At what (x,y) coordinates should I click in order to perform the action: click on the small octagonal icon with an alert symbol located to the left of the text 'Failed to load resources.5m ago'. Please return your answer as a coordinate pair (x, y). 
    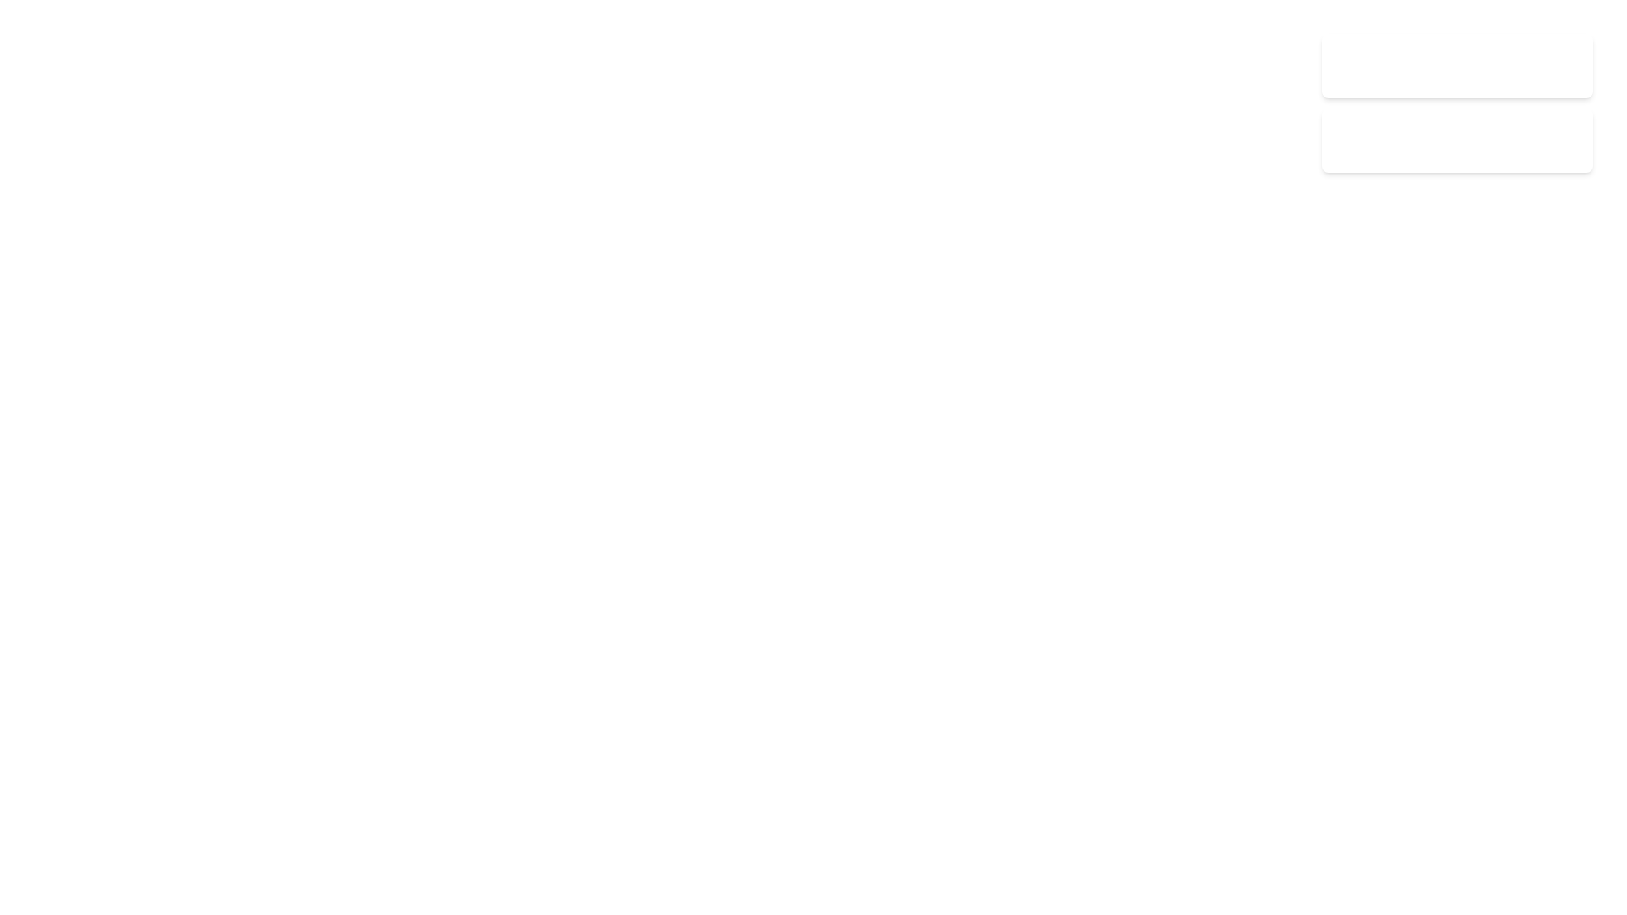
    Looking at the image, I should click on (1345, 139).